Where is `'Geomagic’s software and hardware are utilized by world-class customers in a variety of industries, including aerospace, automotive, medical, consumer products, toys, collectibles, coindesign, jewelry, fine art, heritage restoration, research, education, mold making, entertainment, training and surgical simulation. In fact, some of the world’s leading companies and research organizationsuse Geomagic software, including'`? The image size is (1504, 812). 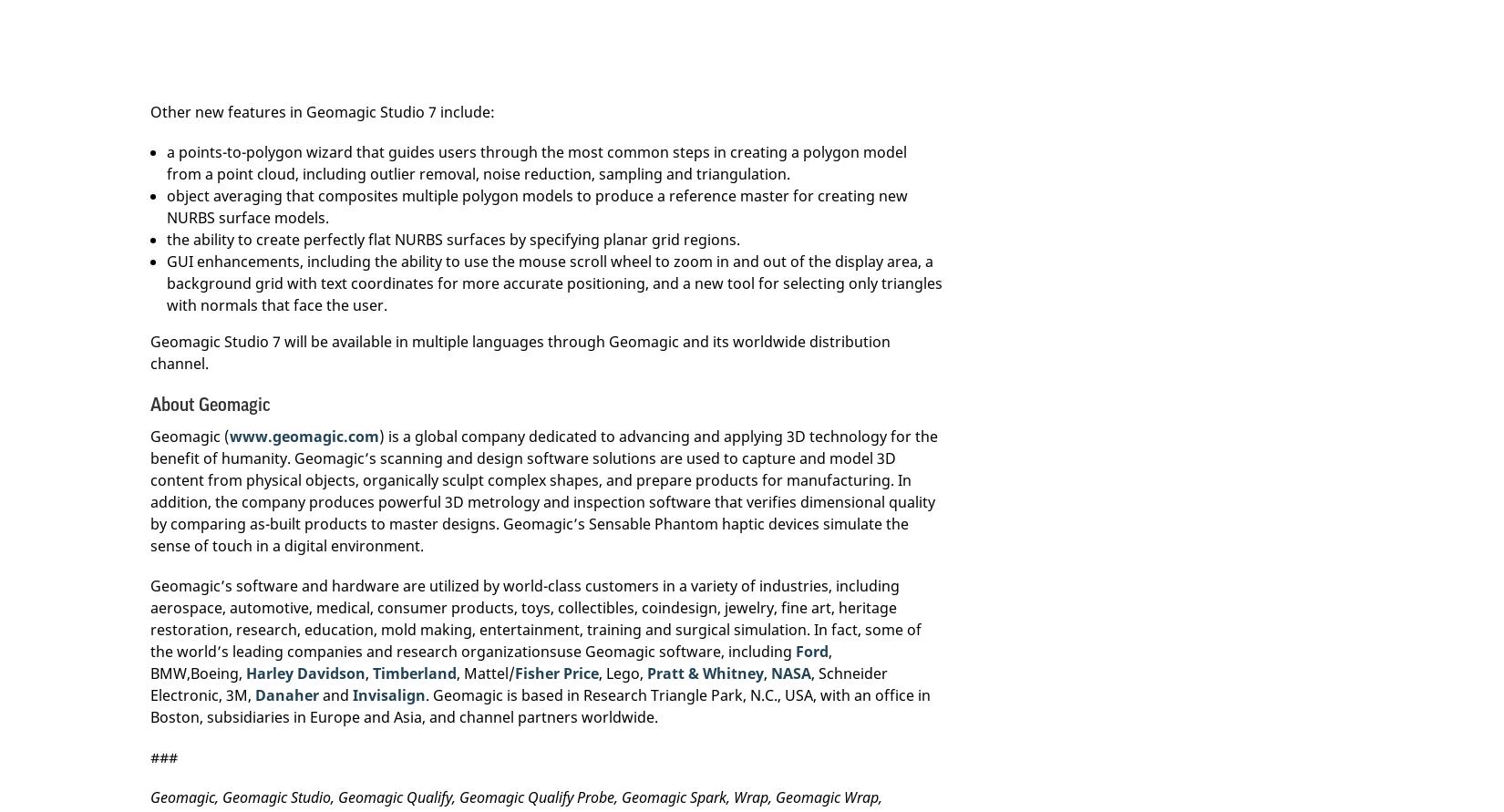
'Geomagic’s software and hardware are utilized by world-class customers in a variety of industries, including aerospace, automotive, medical, consumer products, toys, collectibles, coindesign, jewelry, fine art, heritage restoration, research, education, mold making, entertainment, training and surgical simulation. In fact, some of the world’s leading companies and research organizationsuse Geomagic software, including' is located at coordinates (535, 618).